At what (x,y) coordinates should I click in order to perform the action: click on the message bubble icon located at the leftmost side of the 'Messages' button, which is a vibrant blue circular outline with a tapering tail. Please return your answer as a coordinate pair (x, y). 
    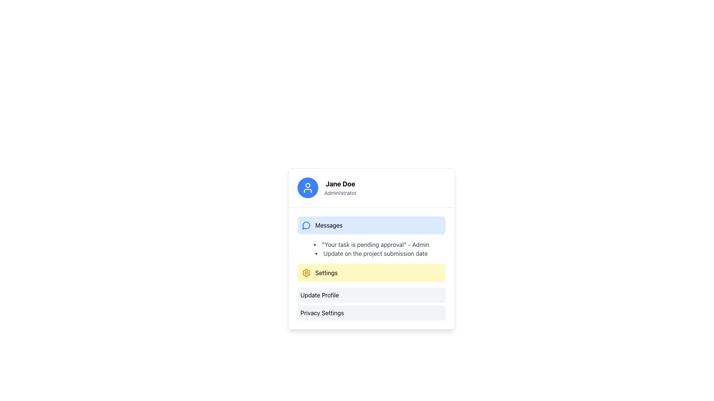
    Looking at the image, I should click on (306, 225).